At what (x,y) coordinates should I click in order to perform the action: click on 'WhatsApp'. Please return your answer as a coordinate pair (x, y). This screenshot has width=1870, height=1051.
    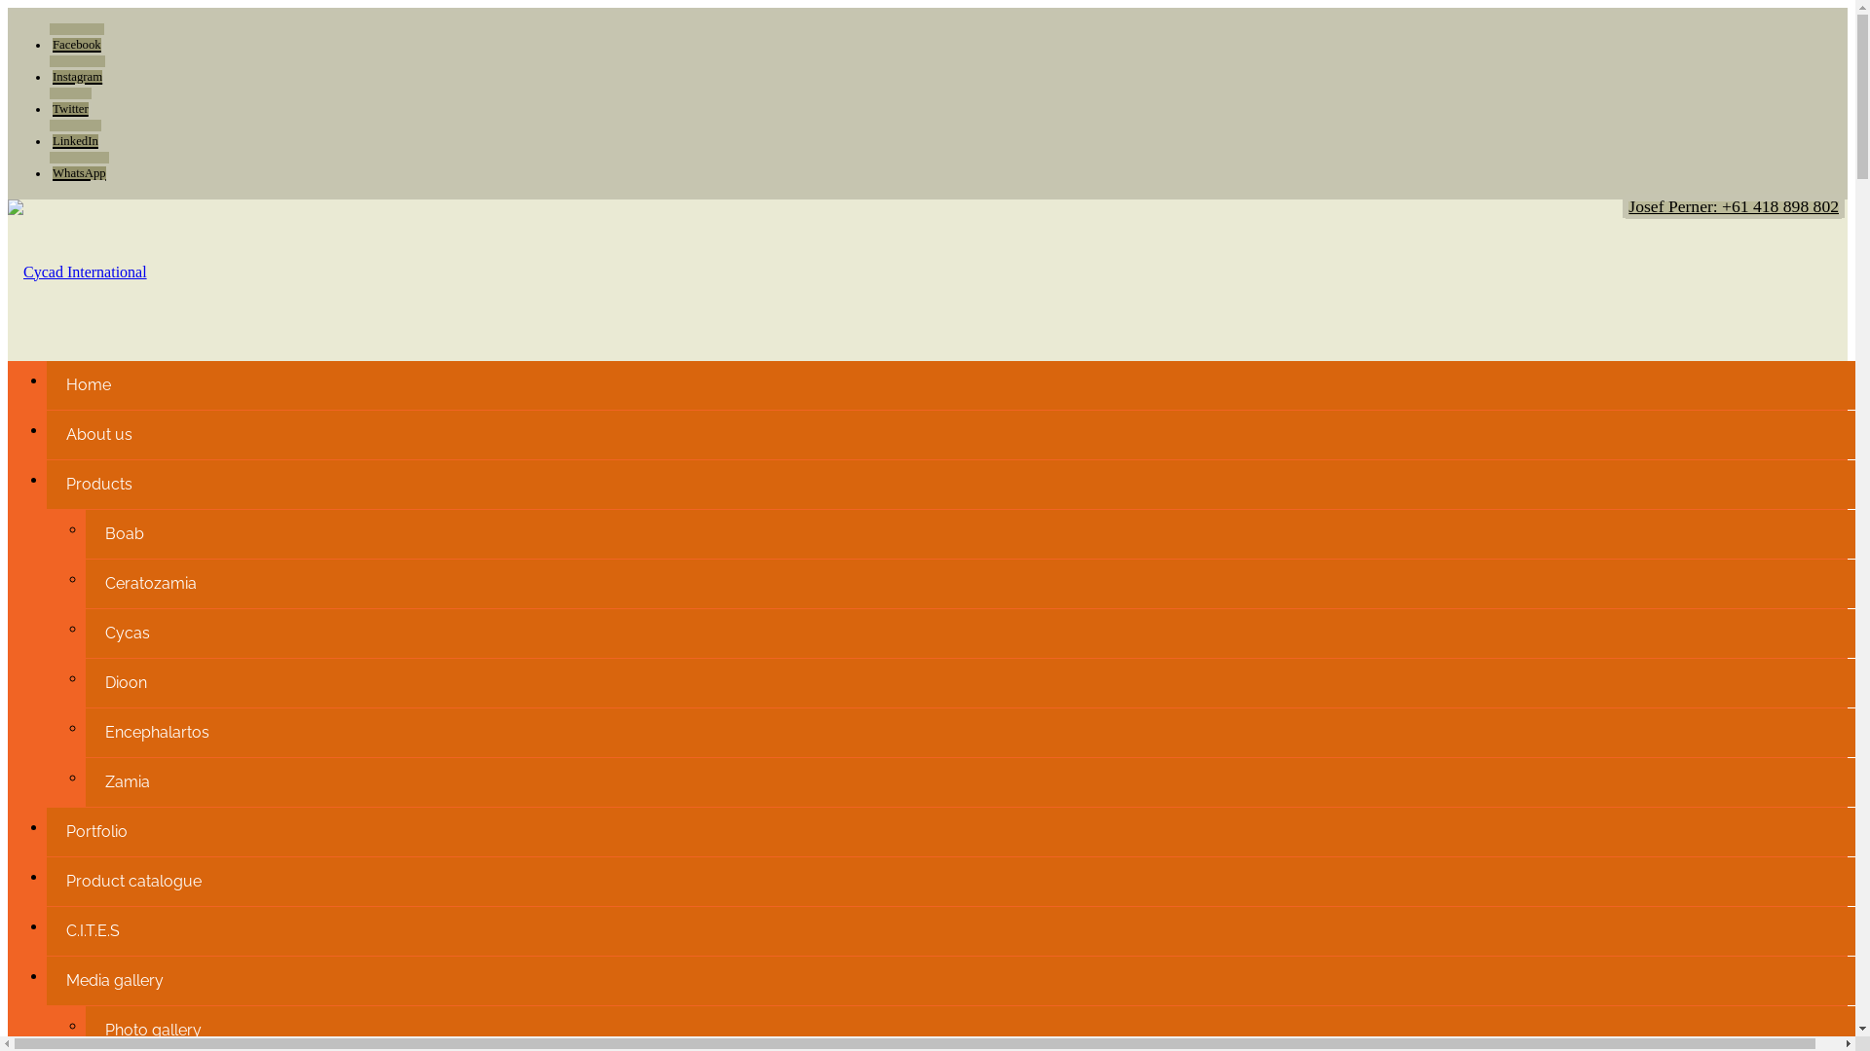
    Looking at the image, I should click on (78, 166).